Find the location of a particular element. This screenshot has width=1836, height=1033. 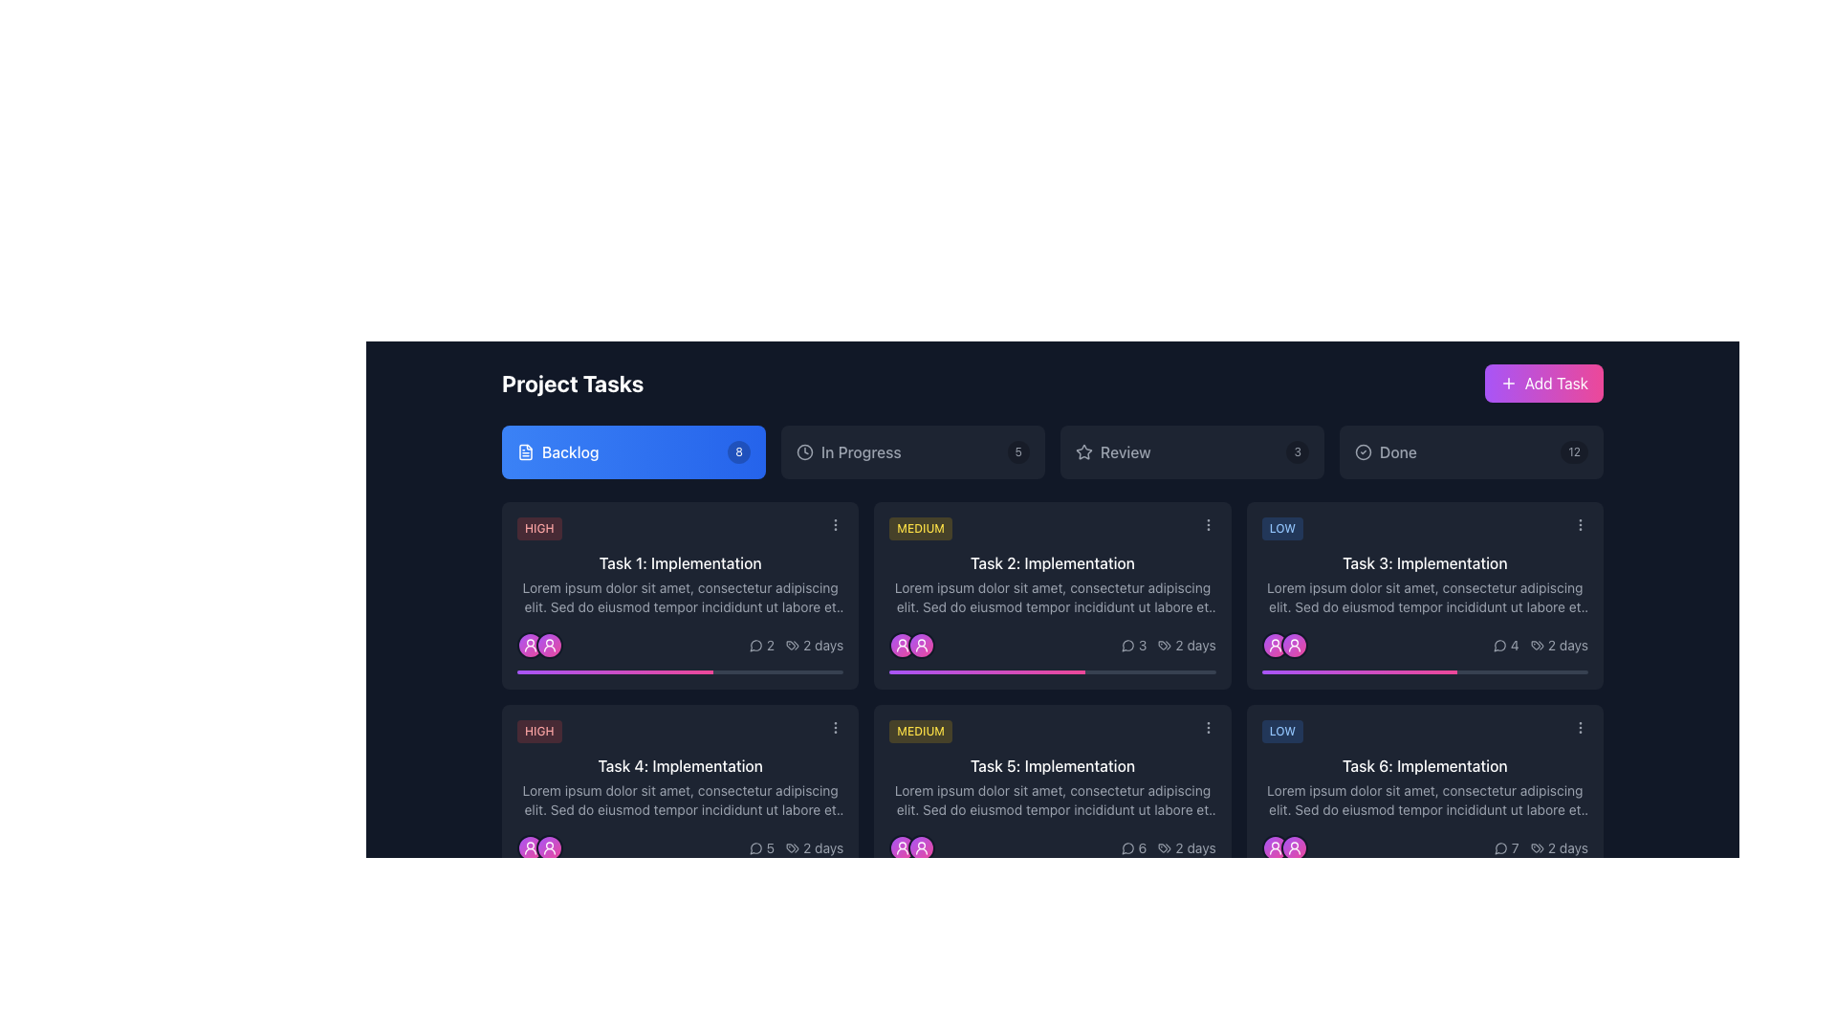

the dark gray horizontal progress bar with a gradient from purple to pink, located at the bottom of the 'Task 1: Implementation' card in the 'Backlog' section is located at coordinates (680, 670).